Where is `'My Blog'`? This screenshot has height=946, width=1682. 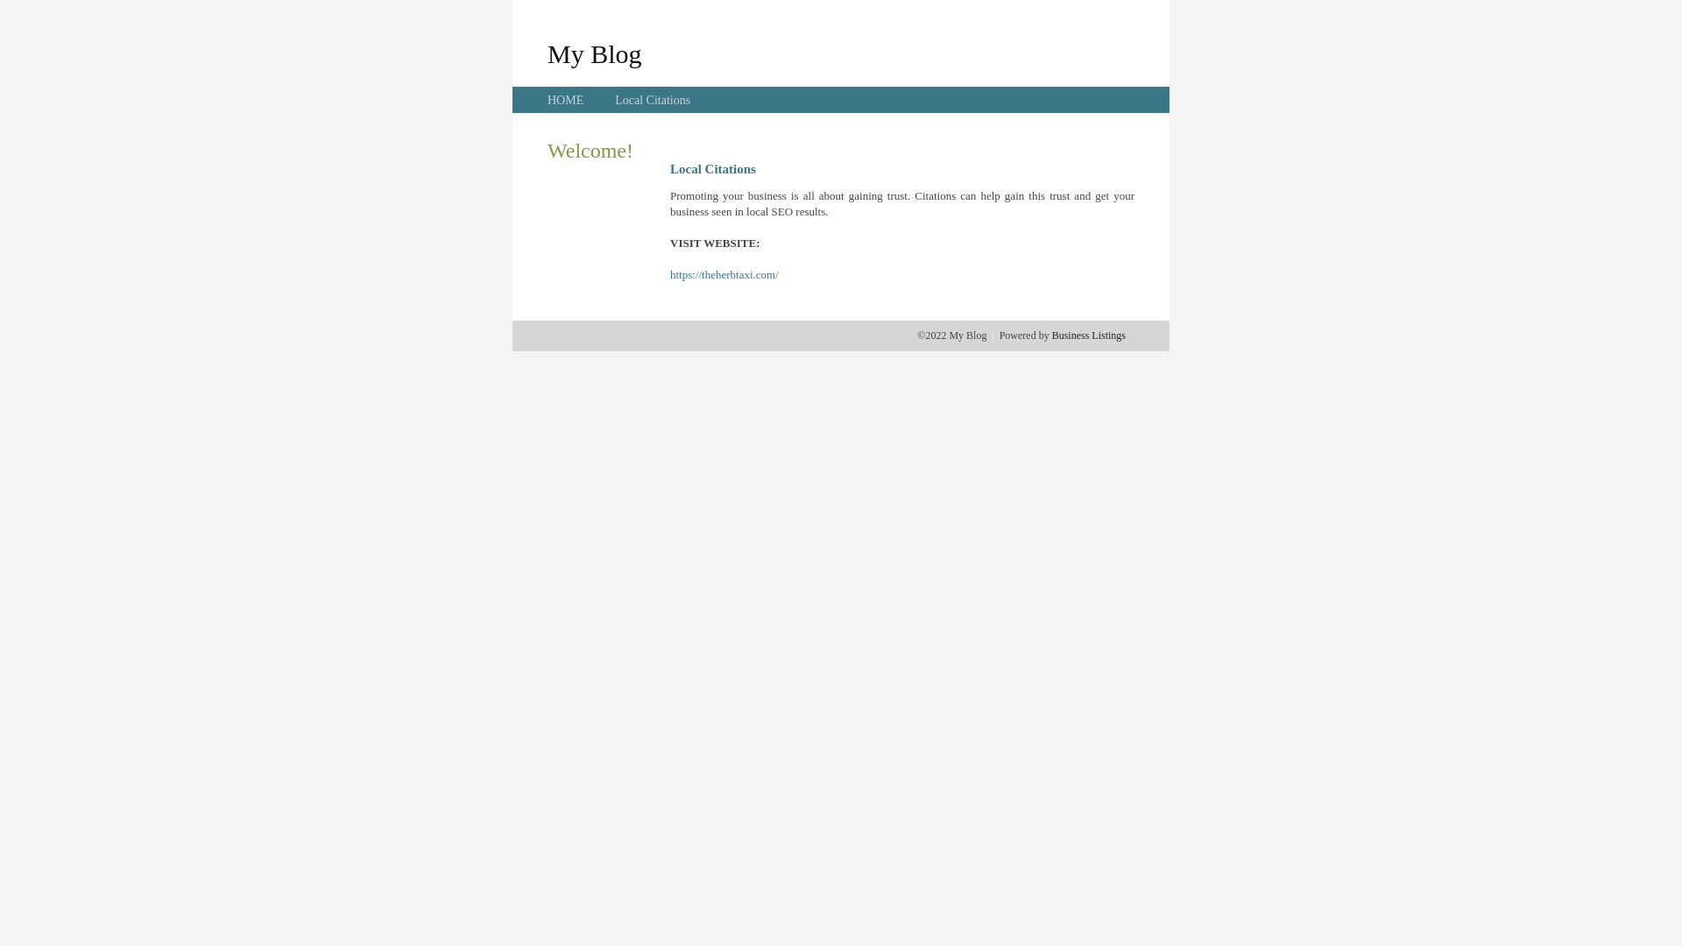
'My Blog' is located at coordinates (594, 53).